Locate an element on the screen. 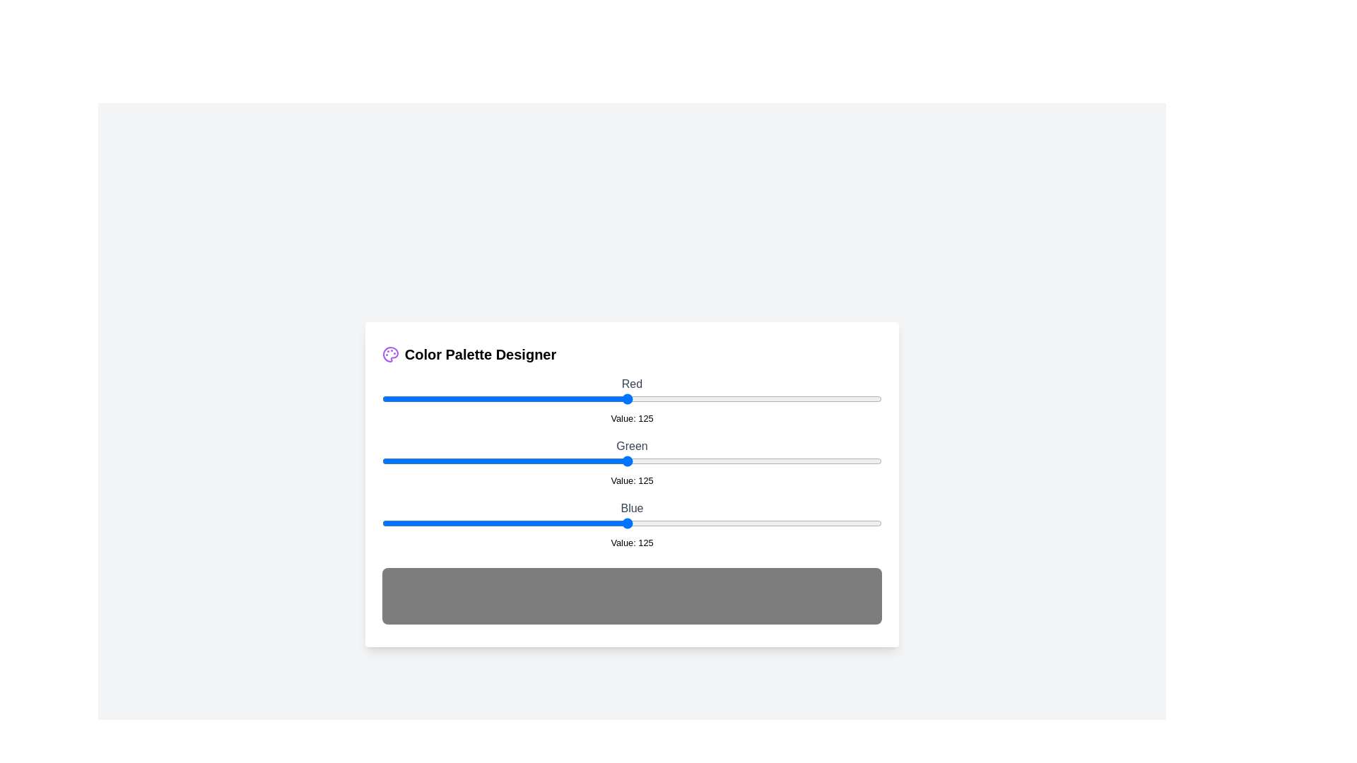 Image resolution: width=1357 pixels, height=763 pixels. the 1 slider to 28 is located at coordinates (436, 461).